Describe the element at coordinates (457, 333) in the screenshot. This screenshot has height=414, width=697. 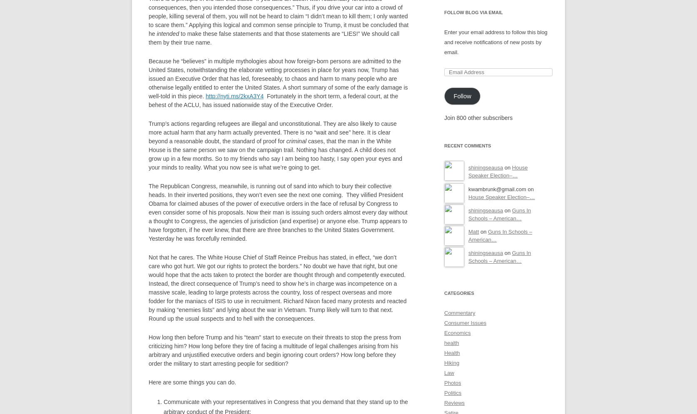
I see `'Economics'` at that location.